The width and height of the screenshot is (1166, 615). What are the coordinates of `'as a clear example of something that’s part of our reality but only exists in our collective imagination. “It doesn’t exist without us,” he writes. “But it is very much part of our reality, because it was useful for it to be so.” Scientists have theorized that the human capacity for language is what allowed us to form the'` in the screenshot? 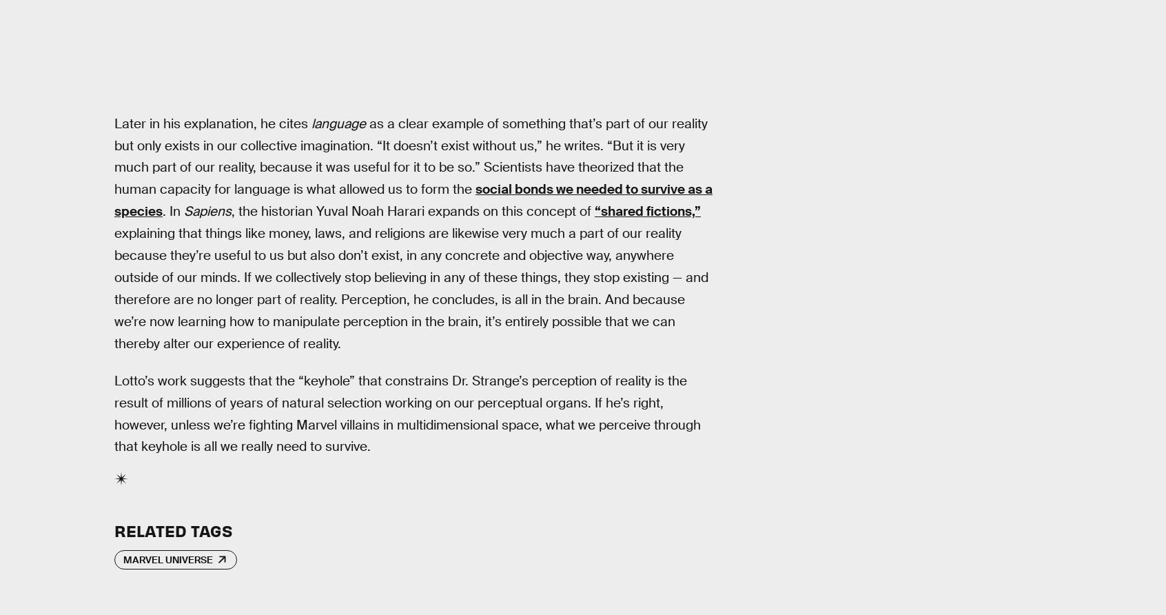 It's located at (113, 156).